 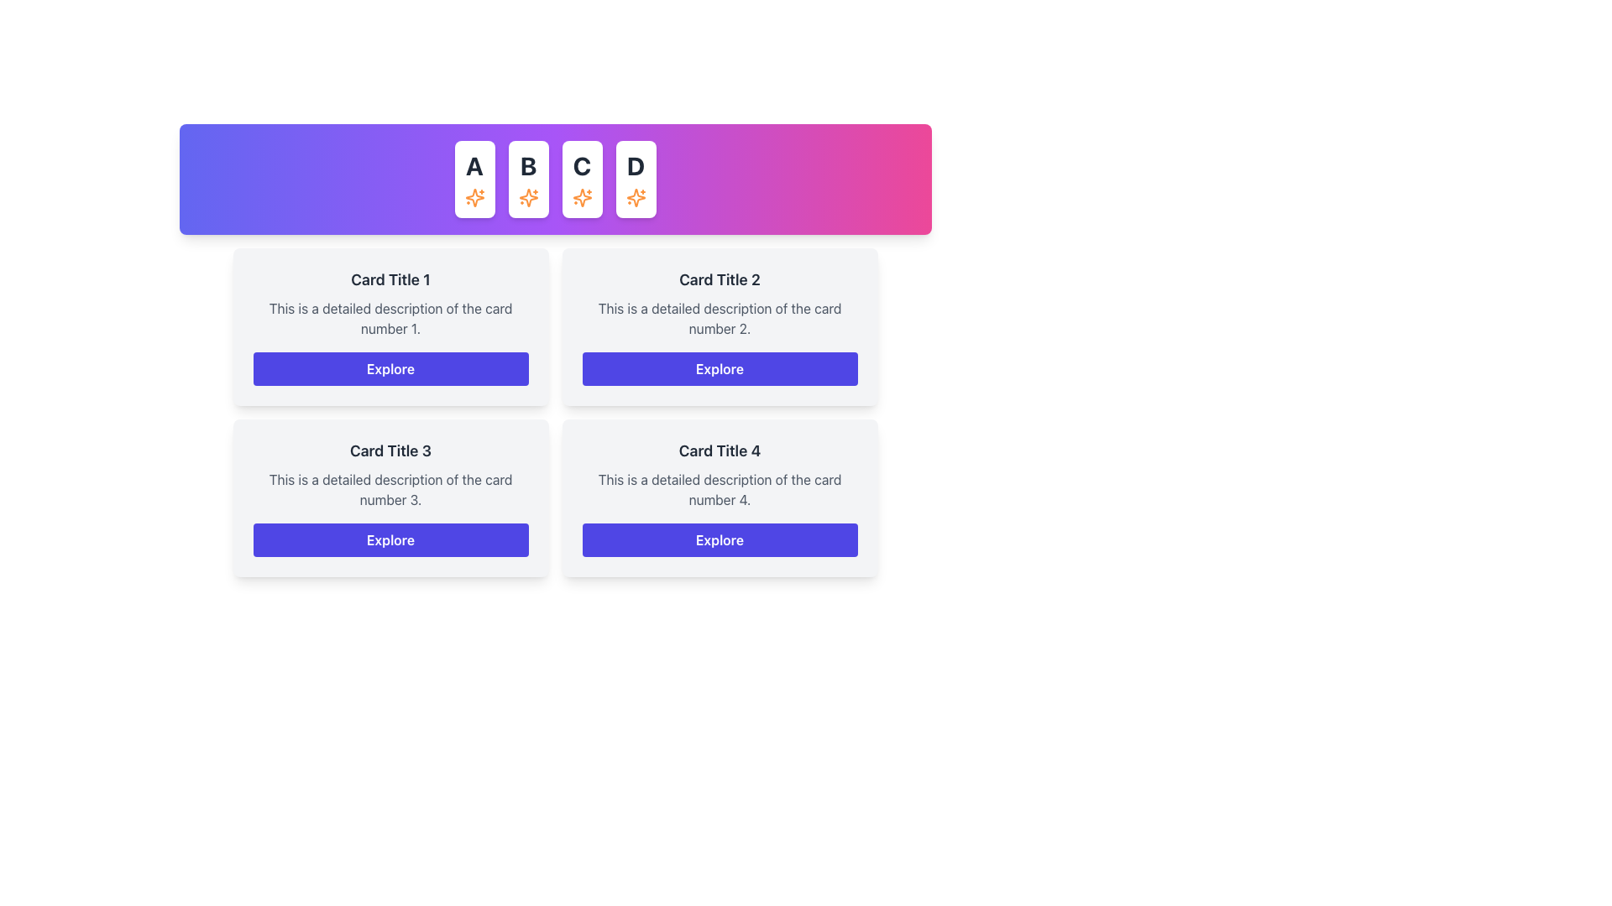 What do you see at coordinates (635, 165) in the screenshot?
I see `the text element that labels the fourth card, positioned at the top-center of the card` at bounding box center [635, 165].